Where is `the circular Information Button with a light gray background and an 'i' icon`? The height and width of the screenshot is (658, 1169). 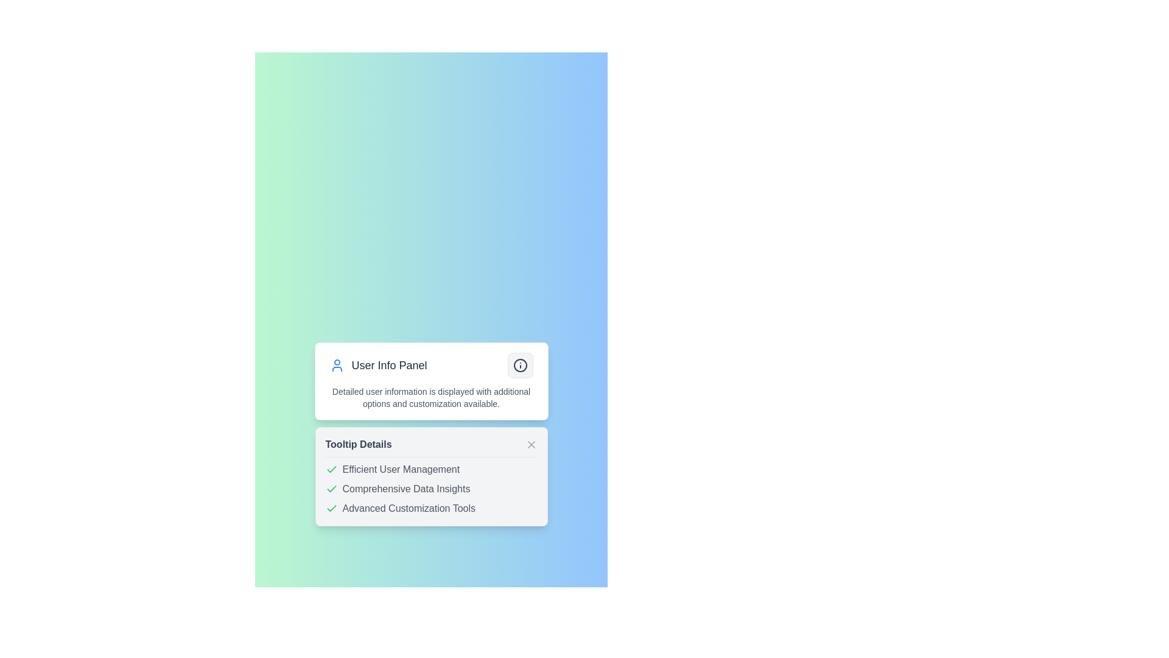
the circular Information Button with a light gray background and an 'i' icon is located at coordinates (520, 365).